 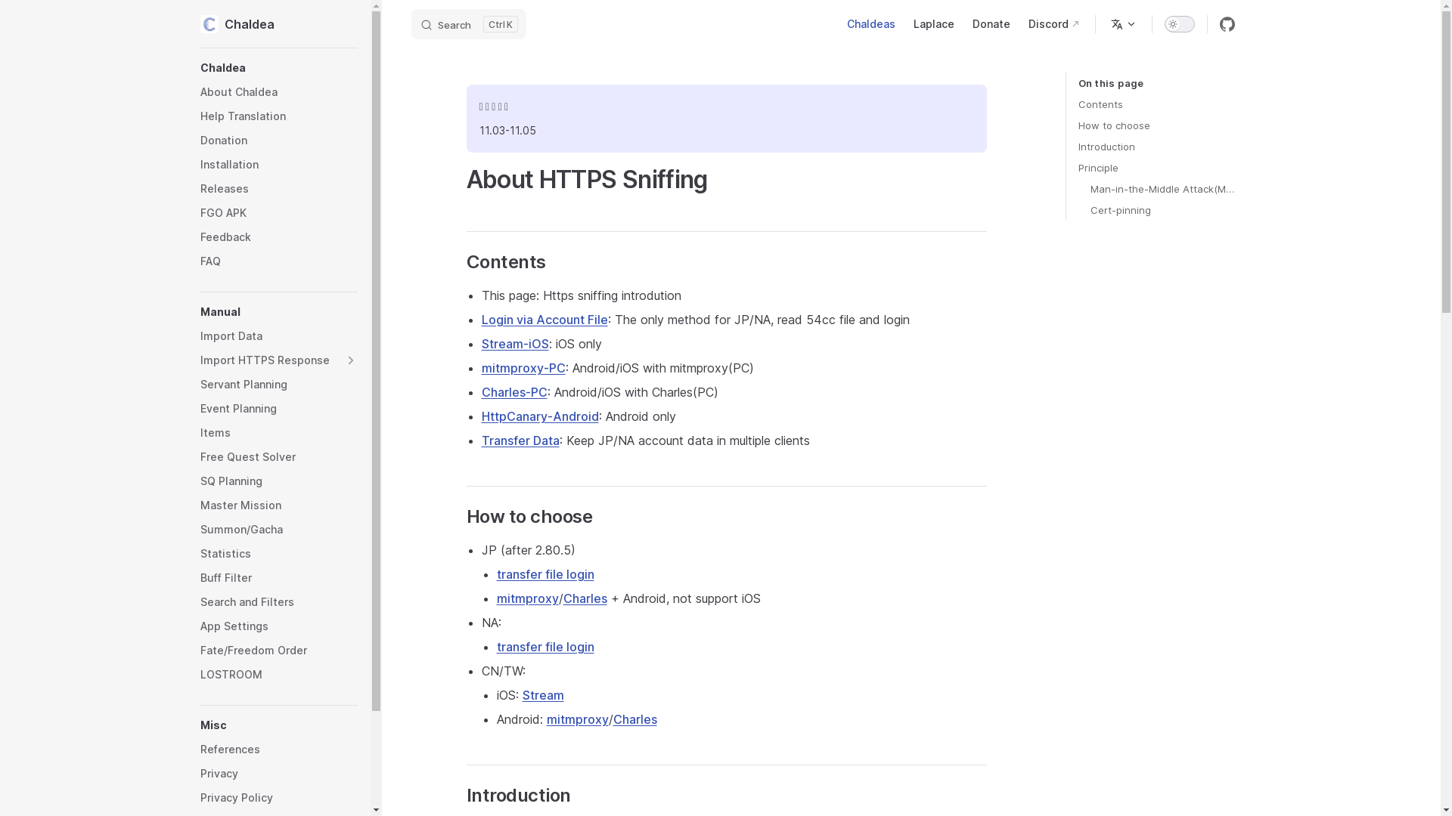 What do you see at coordinates (544, 573) in the screenshot?
I see `'transfer file login'` at bounding box center [544, 573].